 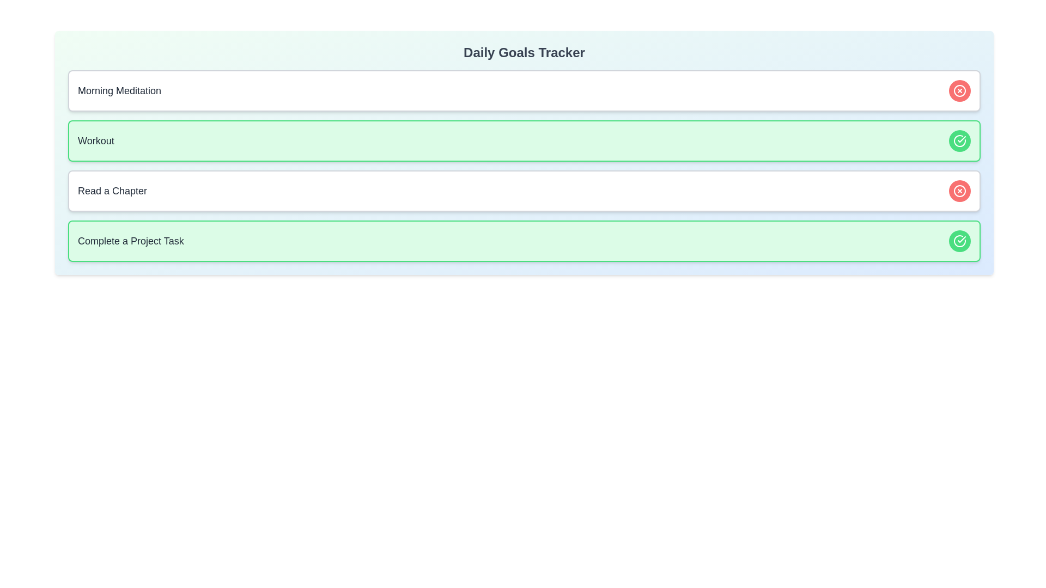 What do you see at coordinates (131, 241) in the screenshot?
I see `the content of the goal titled Complete a Project Task` at bounding box center [131, 241].